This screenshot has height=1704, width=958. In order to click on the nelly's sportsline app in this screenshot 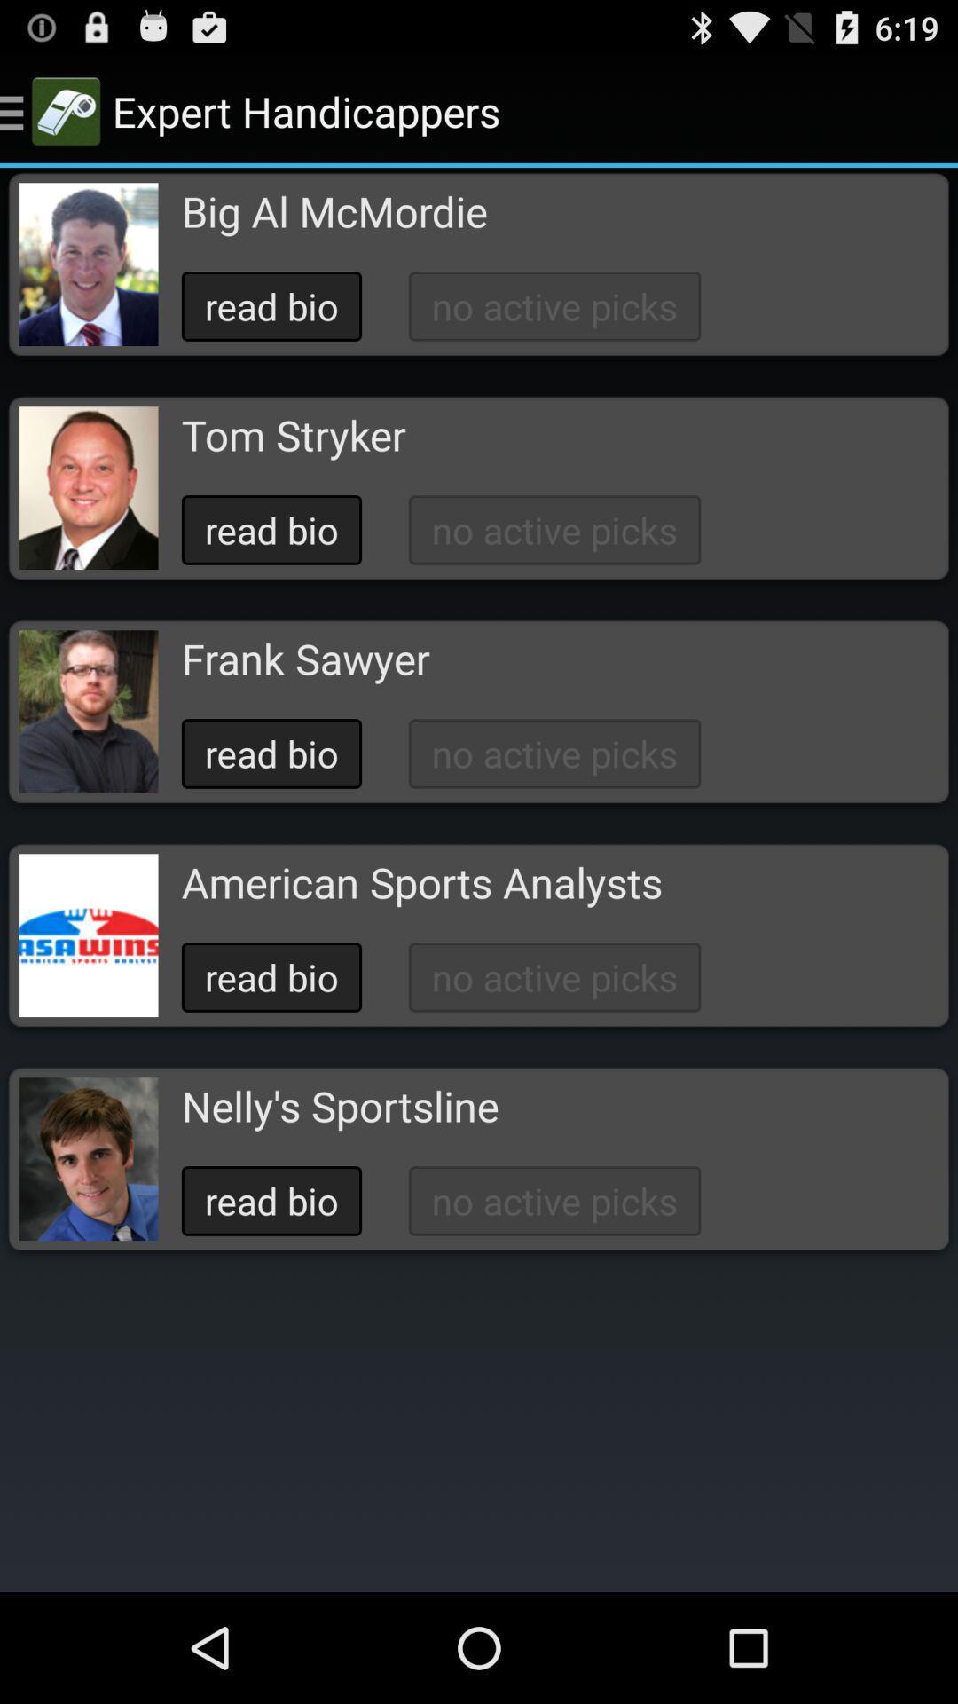, I will do `click(340, 1105)`.